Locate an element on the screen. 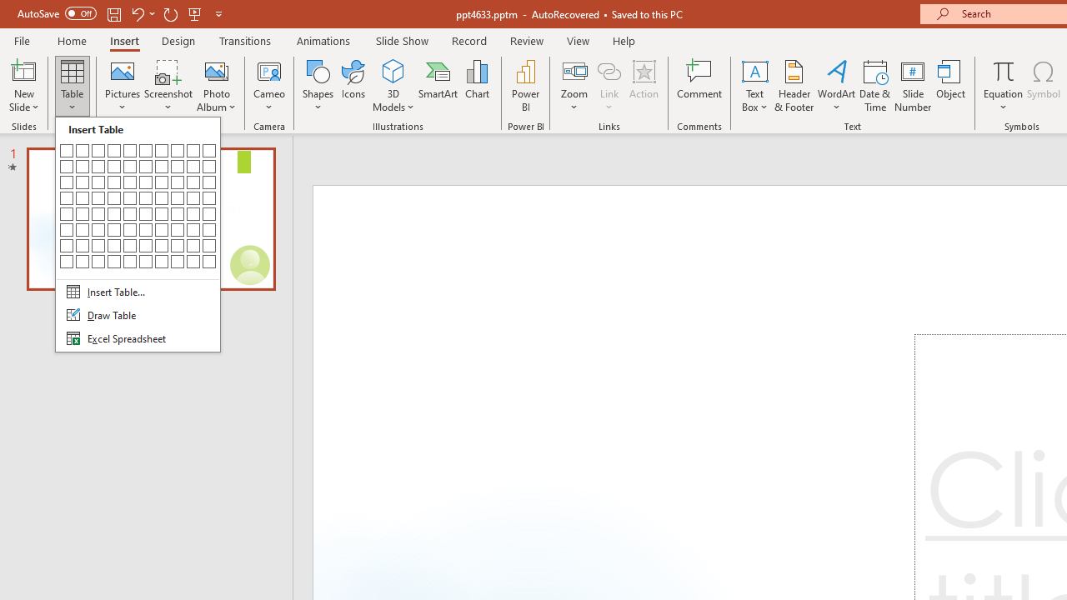  'Slide Number' is located at coordinates (912, 86).